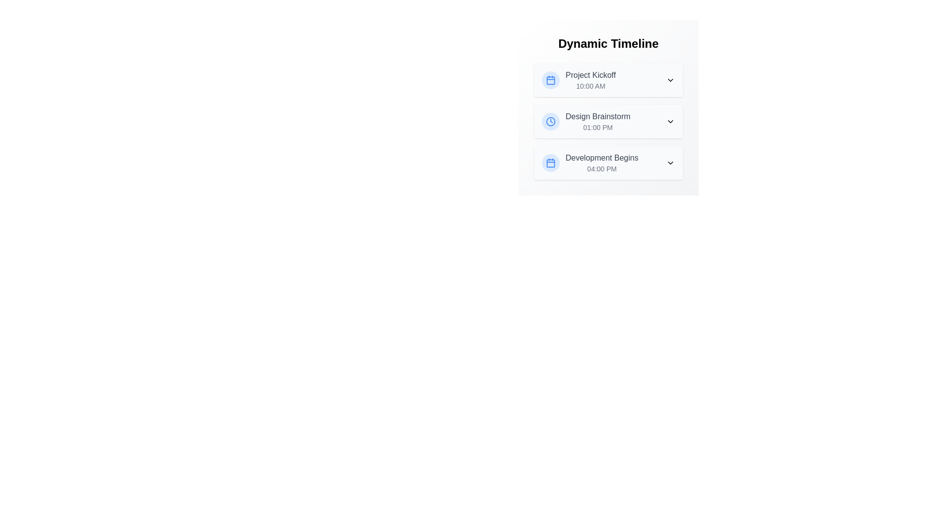  Describe the element at coordinates (670, 121) in the screenshot. I see `the Dropdown toggle icon represented by a downward-pointing chevron located at the far-right of the 'Design Brainstorm 01:00 PM' list item` at that location.